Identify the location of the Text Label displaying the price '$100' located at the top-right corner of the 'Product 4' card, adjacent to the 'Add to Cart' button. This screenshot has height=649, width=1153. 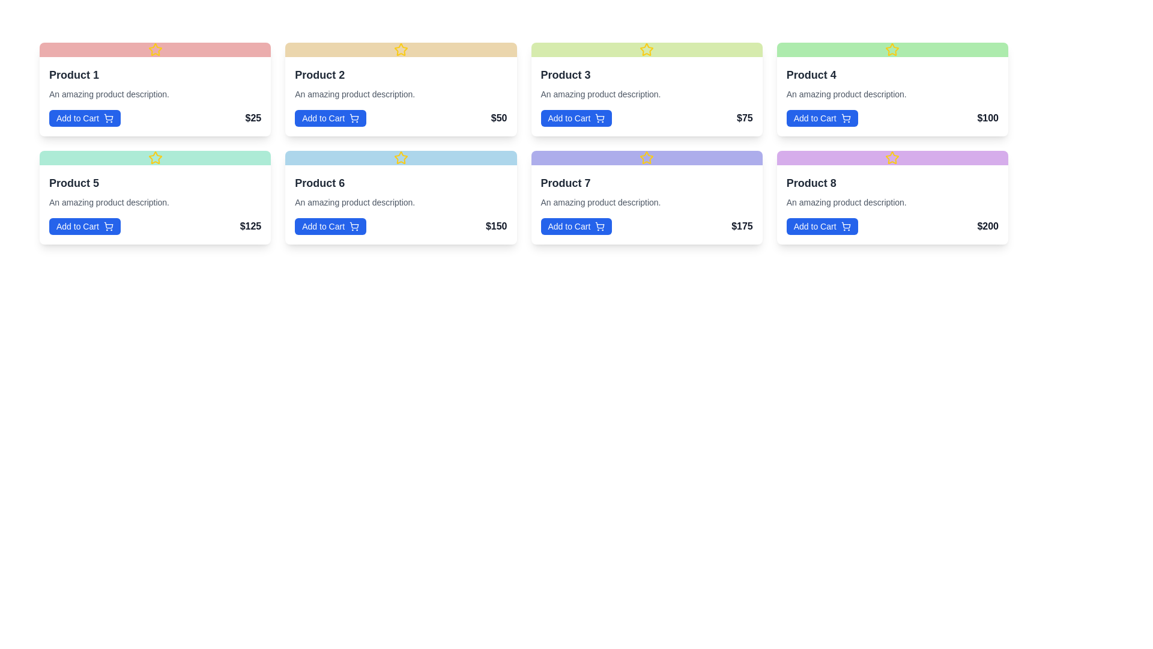
(988, 118).